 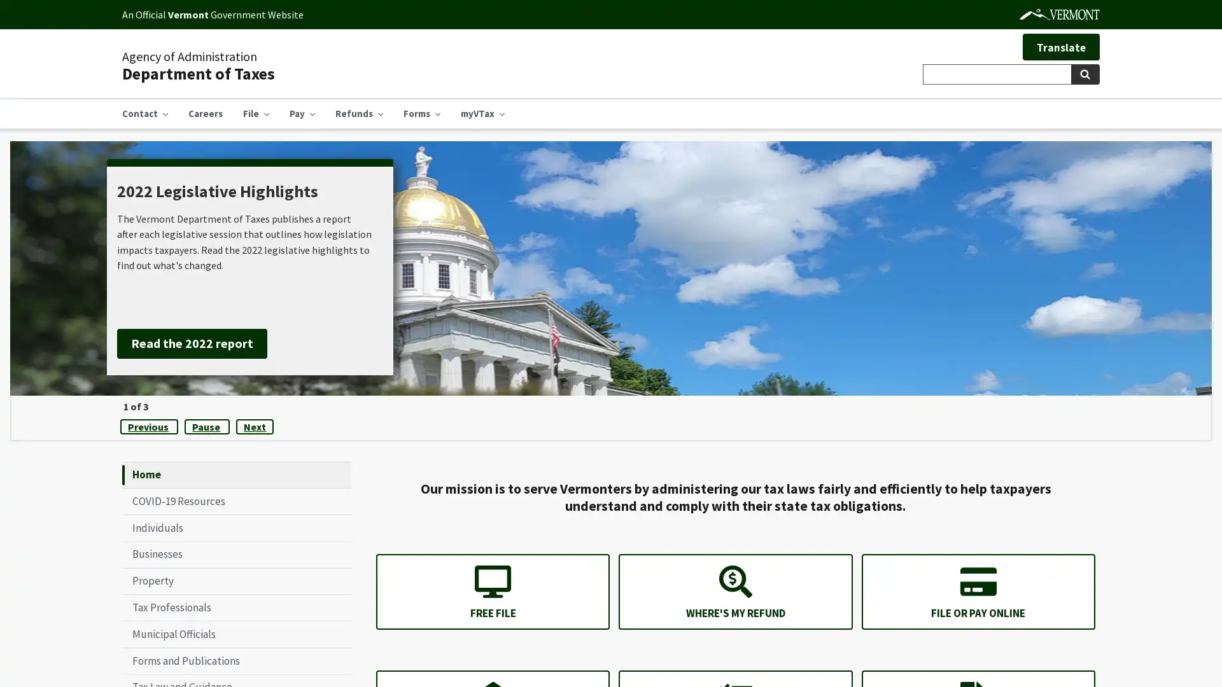 What do you see at coordinates (144, 112) in the screenshot?
I see `Contact` at bounding box center [144, 112].